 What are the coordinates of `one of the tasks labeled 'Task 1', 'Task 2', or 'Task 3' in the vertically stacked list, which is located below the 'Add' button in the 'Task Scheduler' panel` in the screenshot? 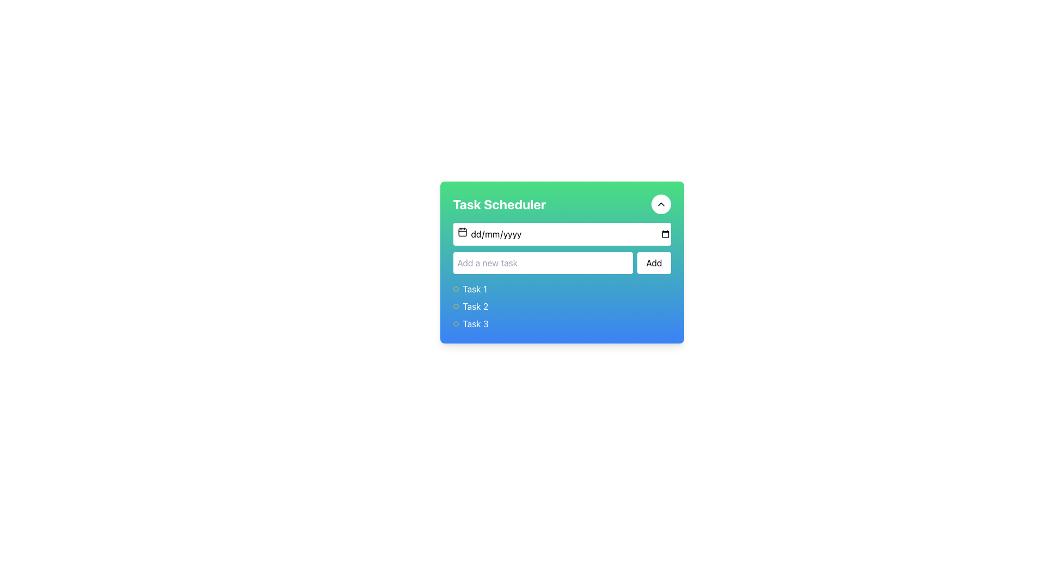 It's located at (562, 306).